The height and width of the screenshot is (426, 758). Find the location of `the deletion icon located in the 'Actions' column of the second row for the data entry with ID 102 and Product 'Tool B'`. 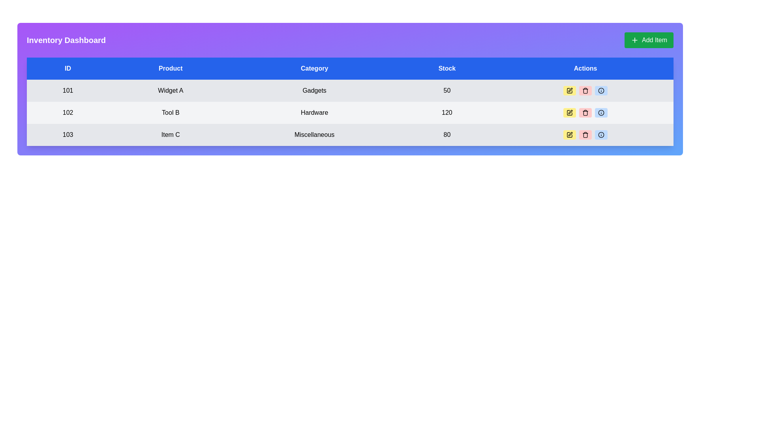

the deletion icon located in the 'Actions' column of the second row for the data entry with ID 102 and Product 'Tool B' is located at coordinates (585, 112).